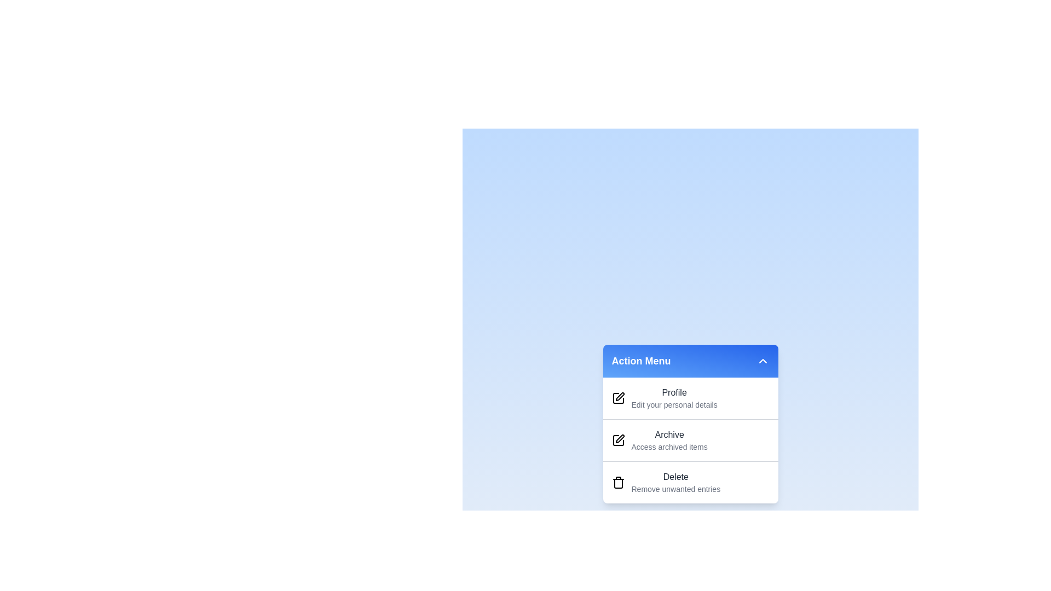  Describe the element at coordinates (762, 361) in the screenshot. I see `toggle button at the top right of the menu header to collapse the menu` at that location.